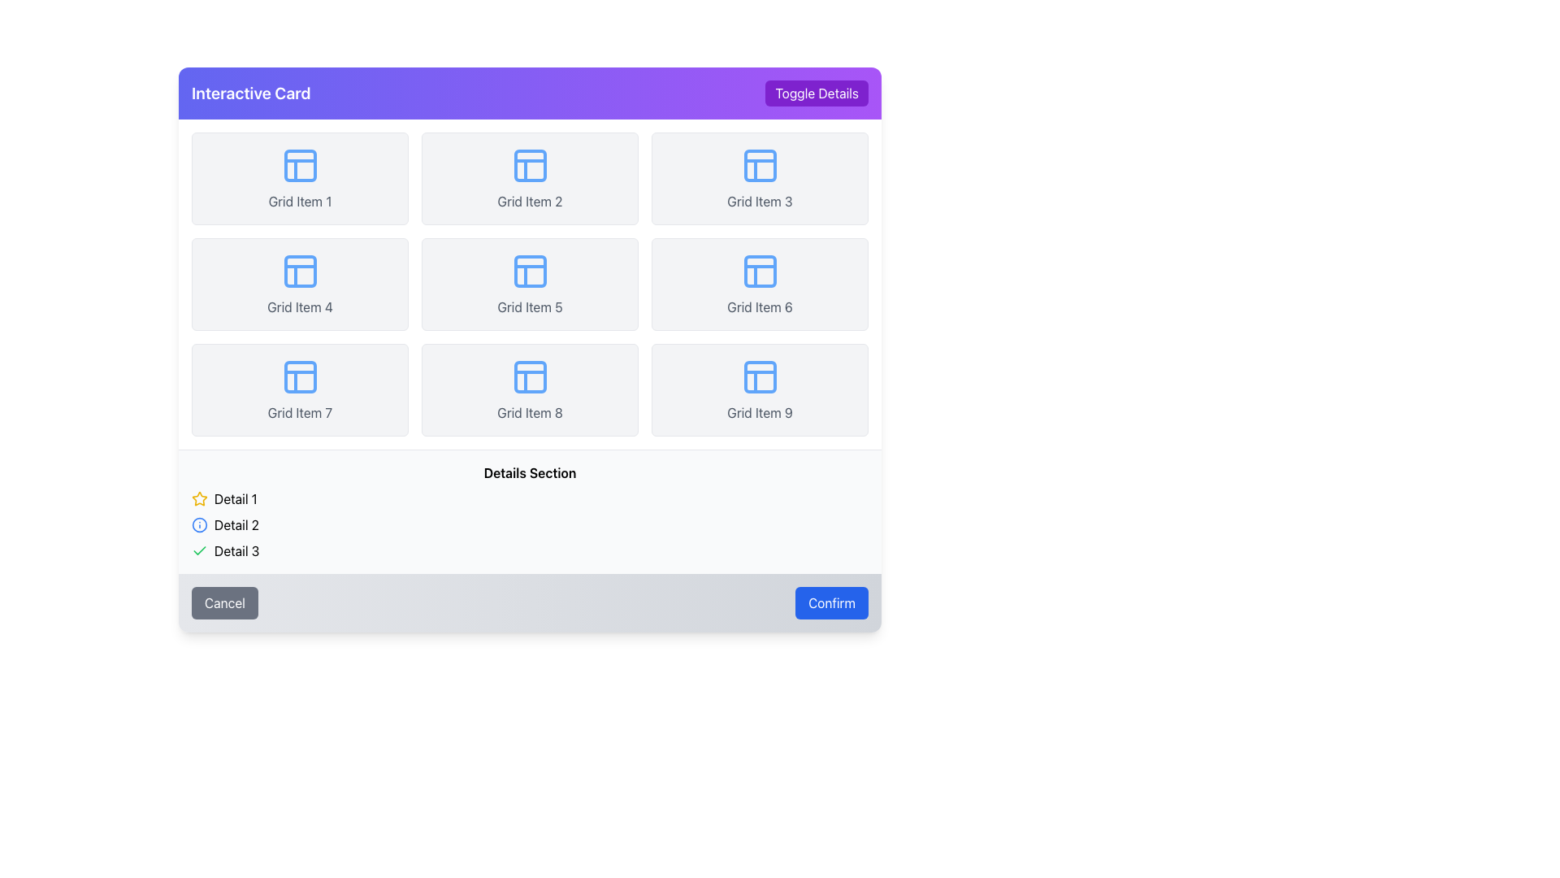 The image size is (1560, 878). I want to click on the text label displaying 'Grid Item 7', located in the third row and first column of the grid layout, so click(300, 412).